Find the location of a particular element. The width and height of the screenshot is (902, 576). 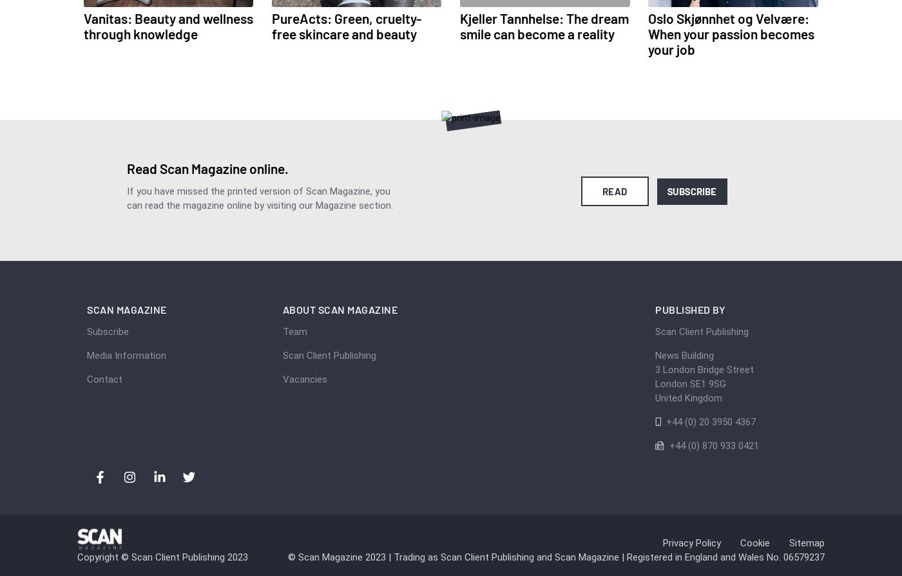

'© Scan Magazine 2023 | Trading as Scan Client Publishing and Scan Magazine | Registered in England and Wales No. 06579237' is located at coordinates (556, 557).